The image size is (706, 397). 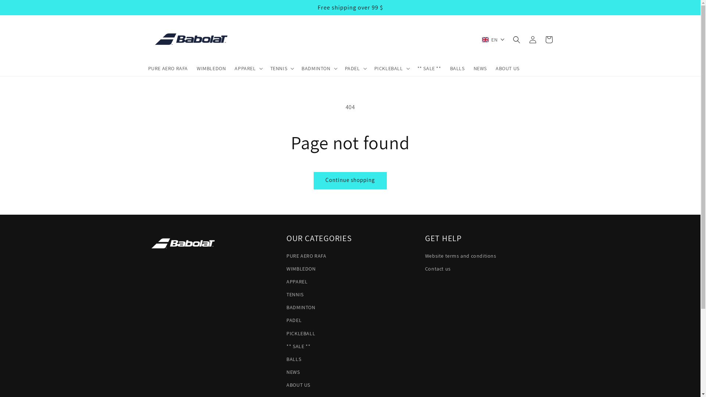 I want to click on 'APPAREL', so click(x=297, y=281).